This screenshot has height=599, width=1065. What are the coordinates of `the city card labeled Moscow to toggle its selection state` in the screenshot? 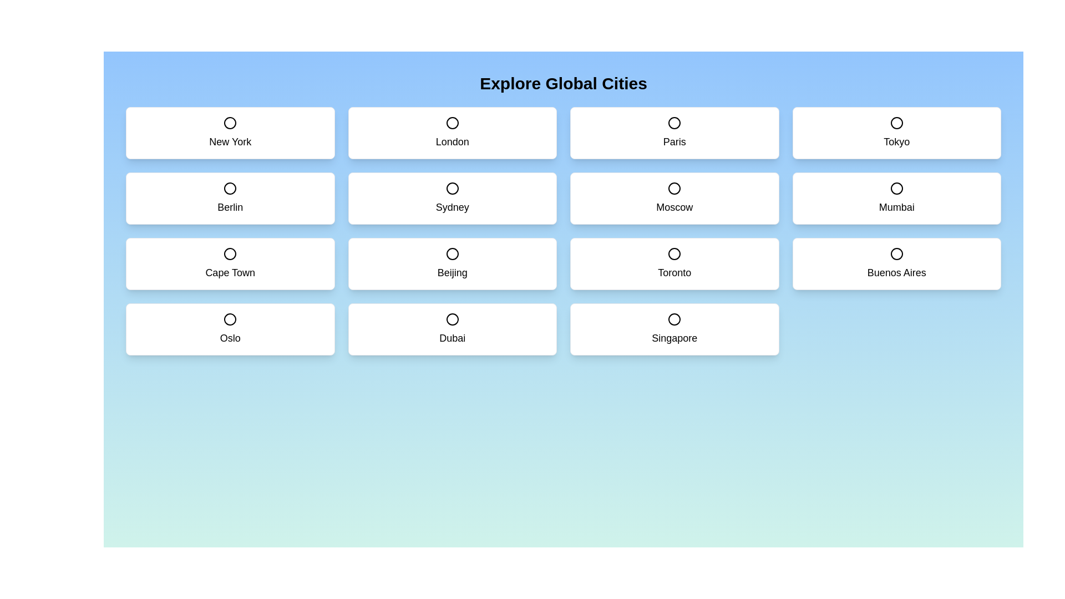 It's located at (674, 198).